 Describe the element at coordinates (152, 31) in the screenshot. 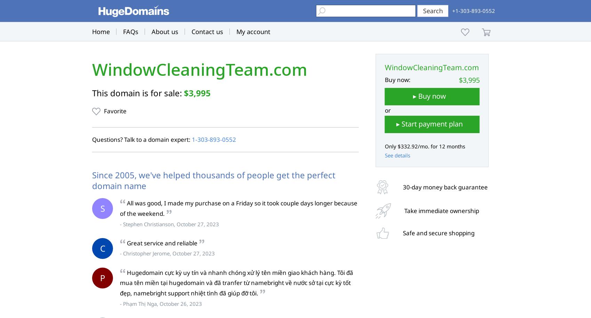

I see `'About us'` at that location.